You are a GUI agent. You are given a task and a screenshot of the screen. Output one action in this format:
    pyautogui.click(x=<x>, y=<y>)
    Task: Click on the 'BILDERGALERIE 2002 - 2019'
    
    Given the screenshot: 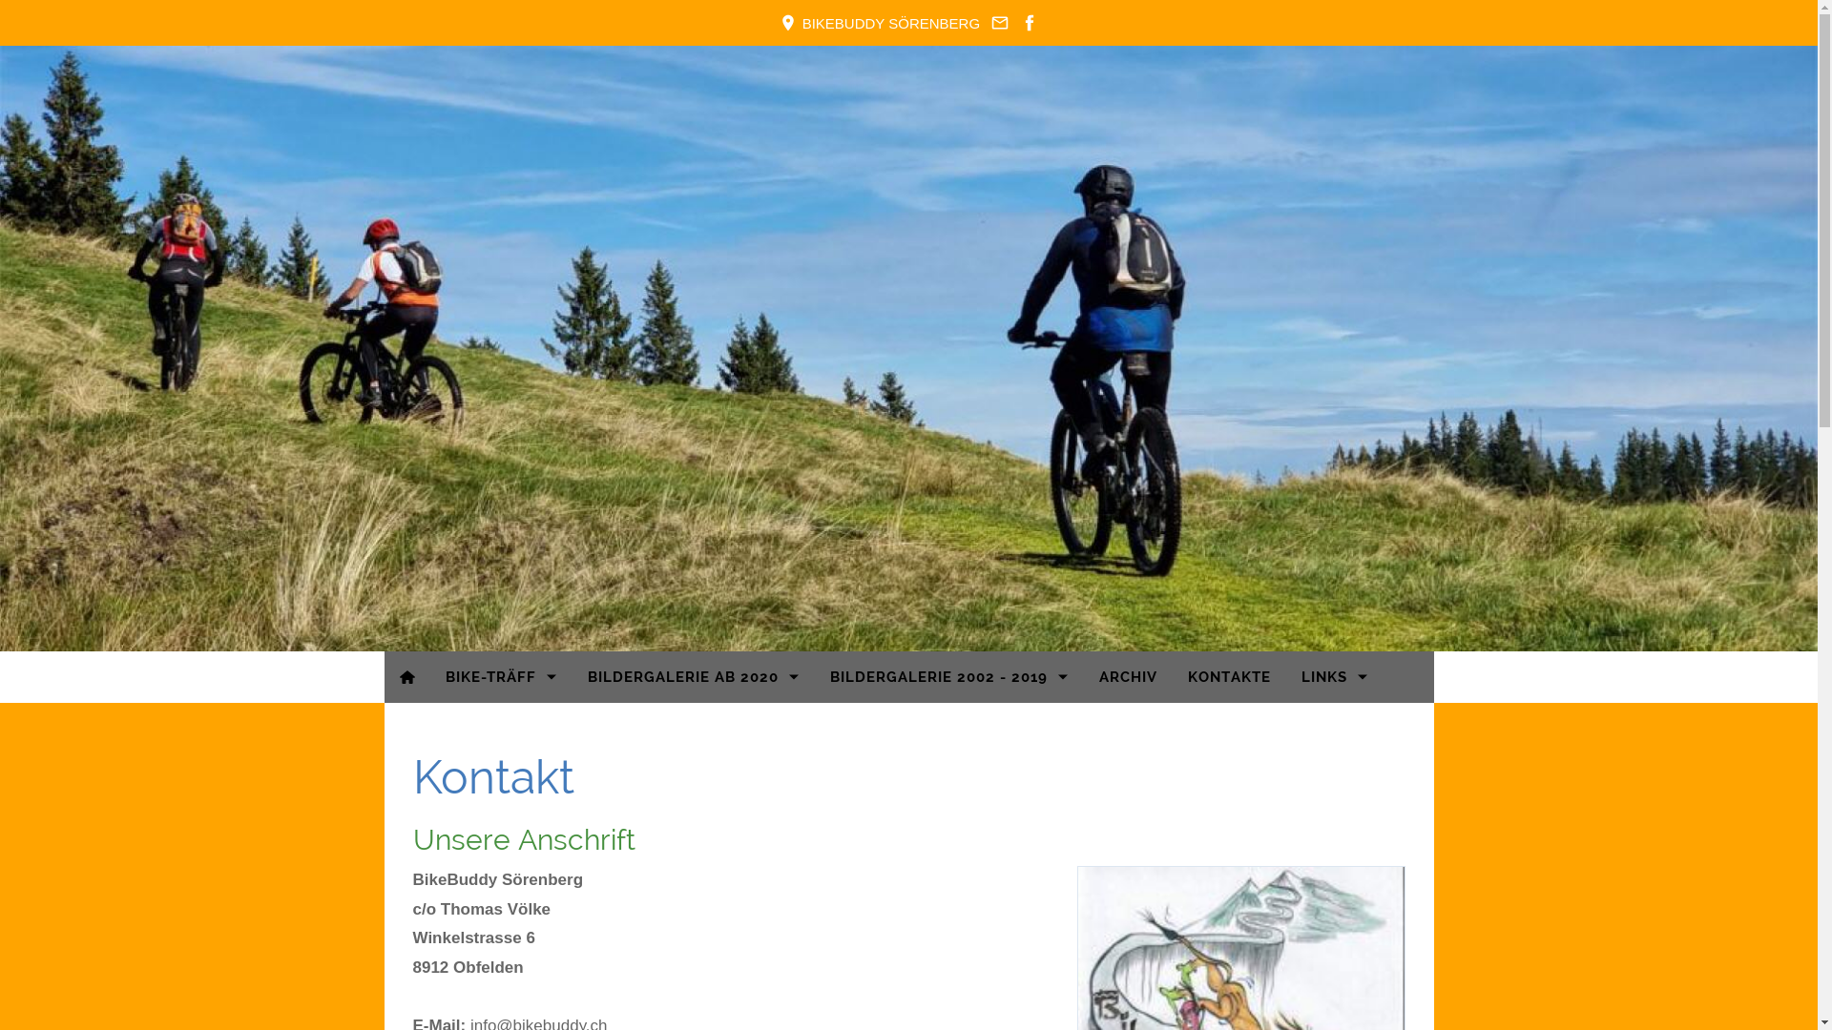 What is the action you would take?
    pyautogui.click(x=948, y=675)
    